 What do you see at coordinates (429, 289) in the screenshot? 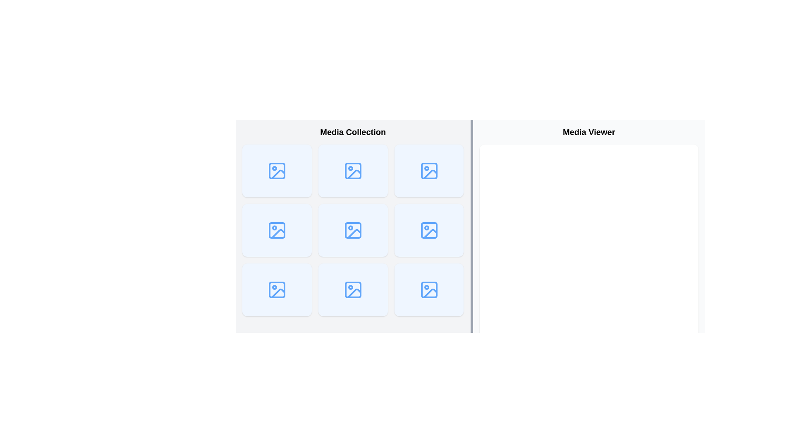
I see `the media icon located in the bottom-right cell of the 3x3 grid in the 'Media Collection' section` at bounding box center [429, 289].